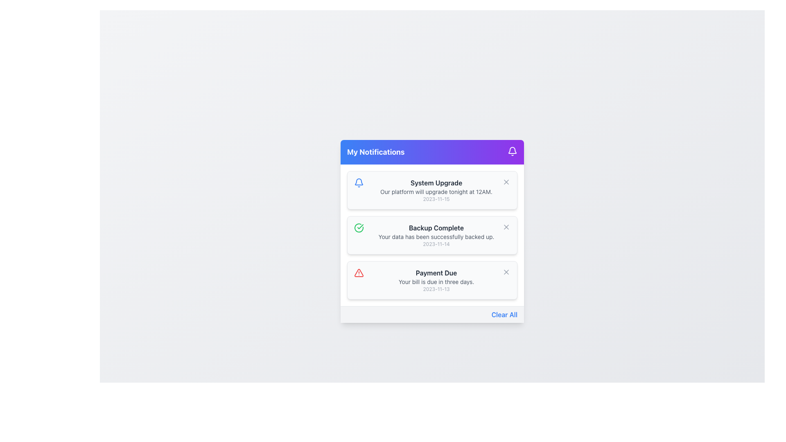 This screenshot has height=442, width=786. Describe the element at coordinates (436, 199) in the screenshot. I see `the text label displaying '2023-11-15', which is located at the bottom of the 'My Notifications' section and conveys auxiliary information regarding the system upgrade` at that location.